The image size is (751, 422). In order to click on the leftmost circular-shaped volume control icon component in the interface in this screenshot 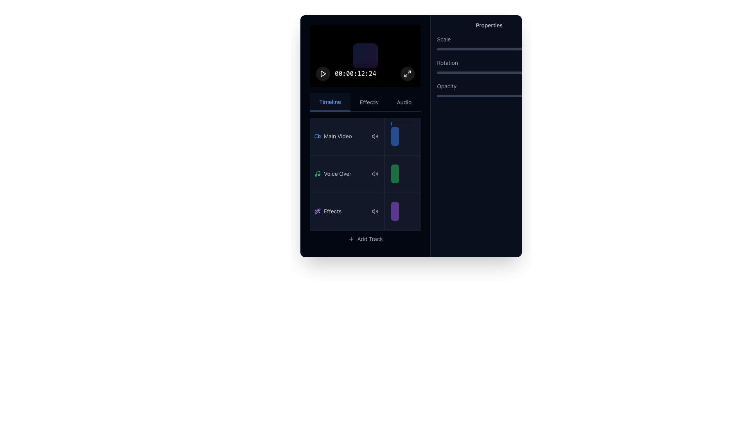, I will do `click(373, 211)`.